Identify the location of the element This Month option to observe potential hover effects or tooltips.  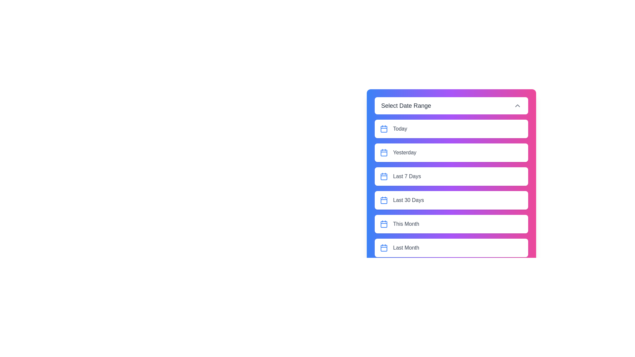
(451, 224).